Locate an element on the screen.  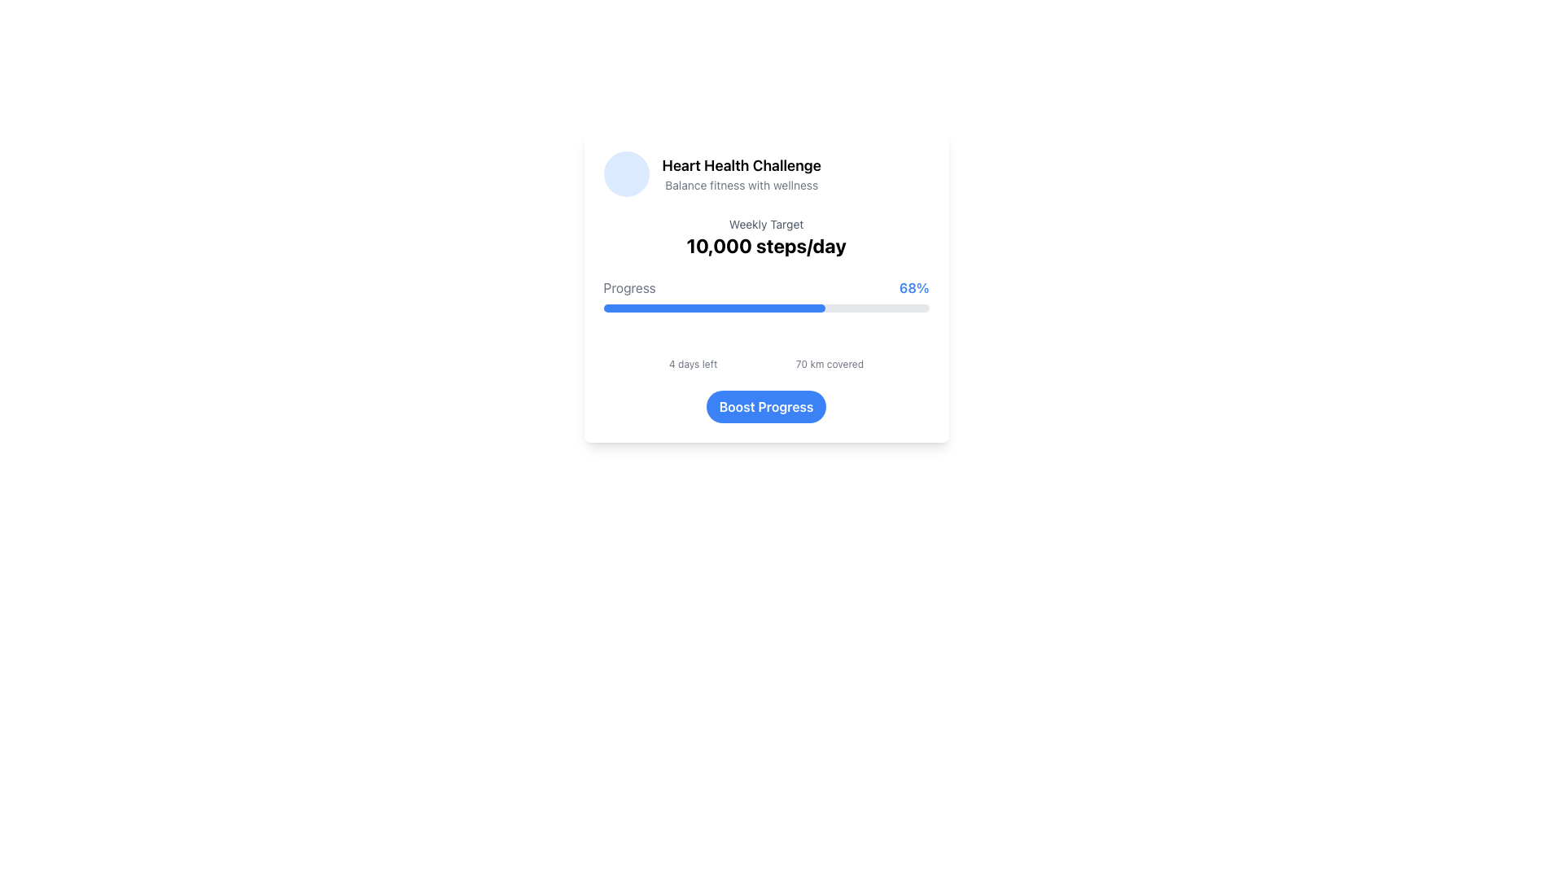
the blue progress bar element, which is a horizontally positioned rectangular bar with rounded ends, indicating task completion within a card component is located at coordinates (714, 308).